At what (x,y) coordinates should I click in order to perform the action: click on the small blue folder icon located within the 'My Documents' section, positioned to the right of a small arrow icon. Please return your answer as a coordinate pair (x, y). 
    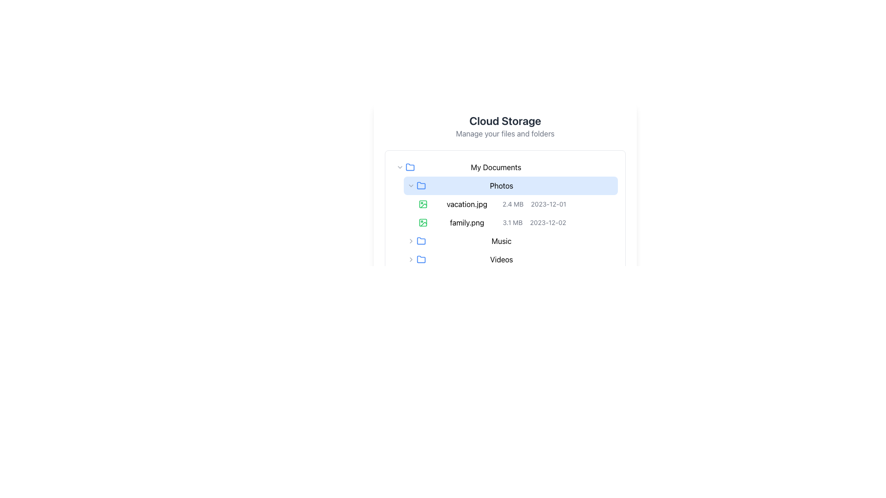
    Looking at the image, I should click on (409, 167).